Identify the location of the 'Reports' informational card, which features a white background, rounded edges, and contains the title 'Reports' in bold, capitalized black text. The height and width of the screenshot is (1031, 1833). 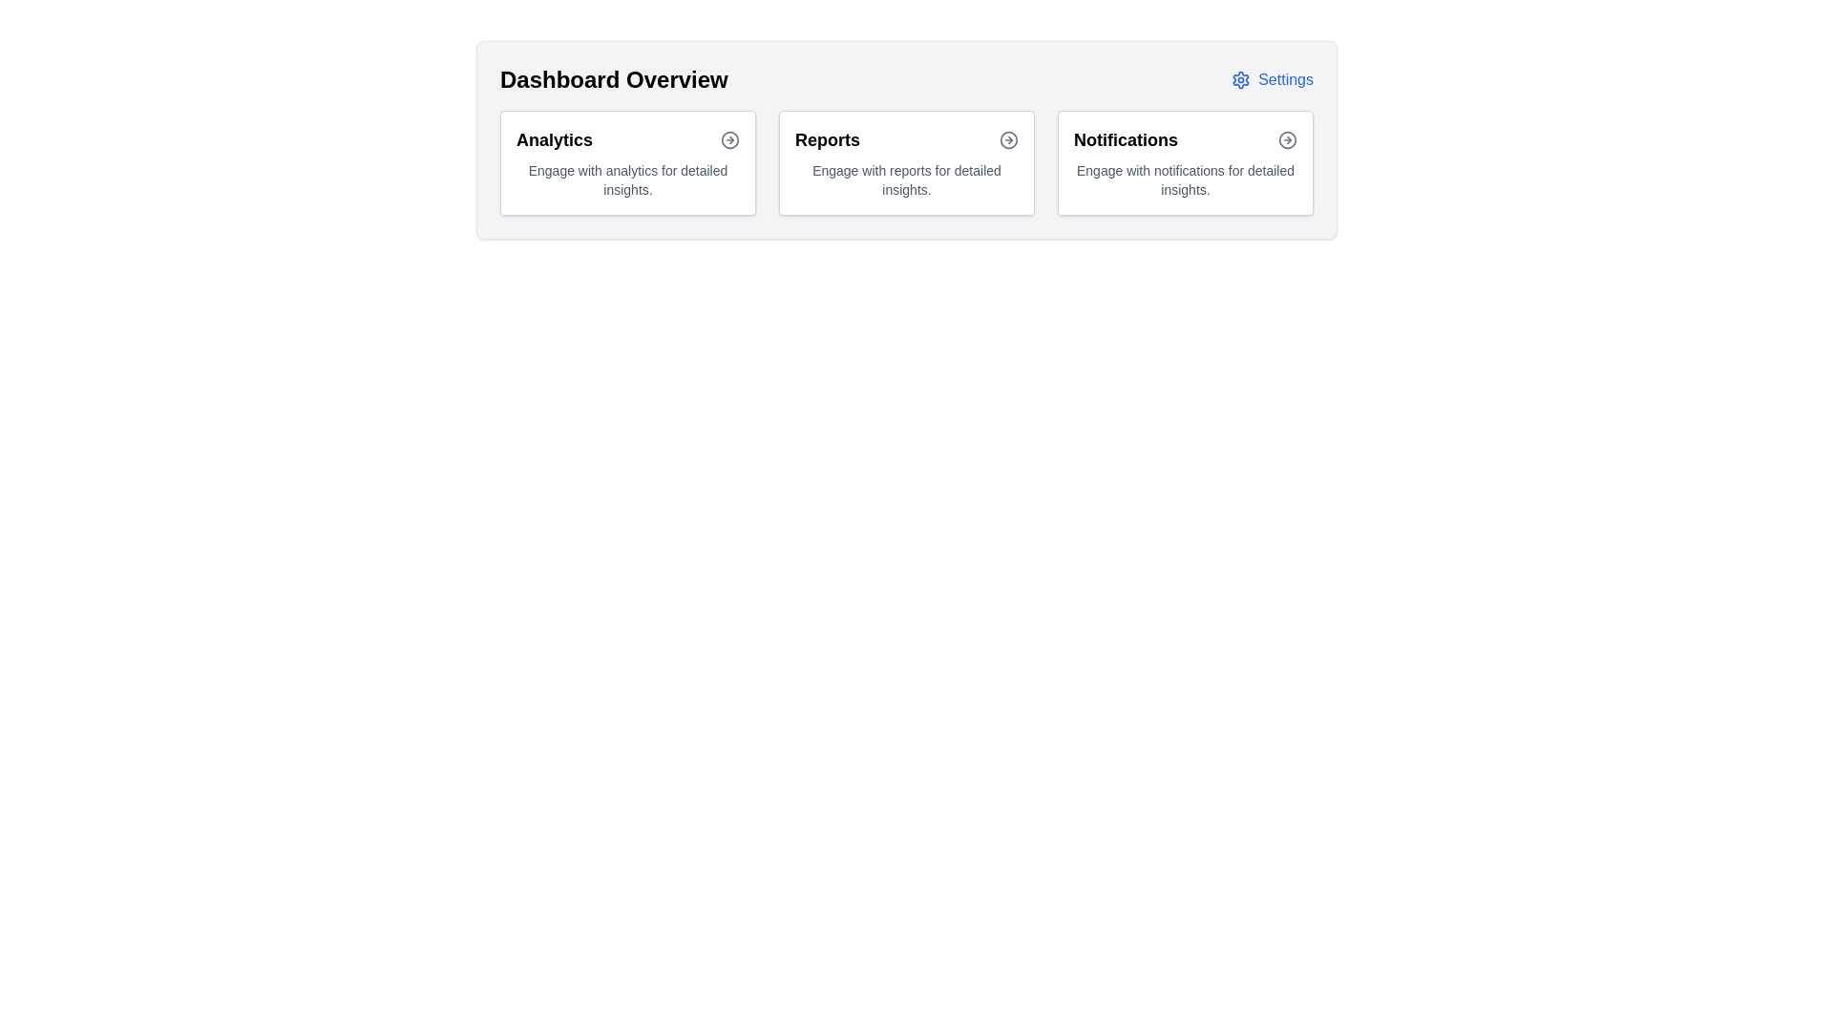
(906, 161).